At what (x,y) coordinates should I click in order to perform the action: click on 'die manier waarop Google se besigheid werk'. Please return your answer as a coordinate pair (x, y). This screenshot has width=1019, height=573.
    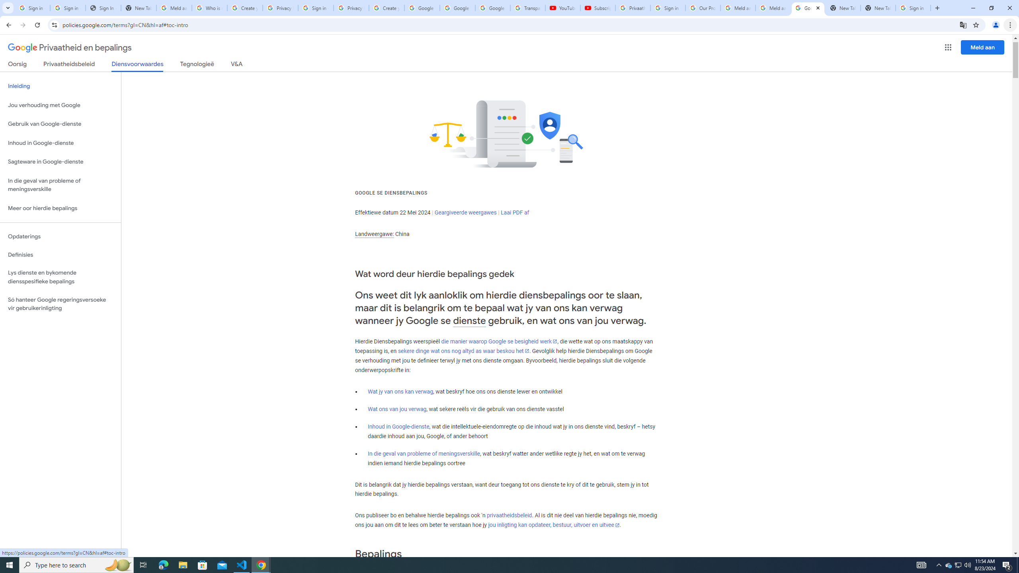
    Looking at the image, I should click on (499, 341).